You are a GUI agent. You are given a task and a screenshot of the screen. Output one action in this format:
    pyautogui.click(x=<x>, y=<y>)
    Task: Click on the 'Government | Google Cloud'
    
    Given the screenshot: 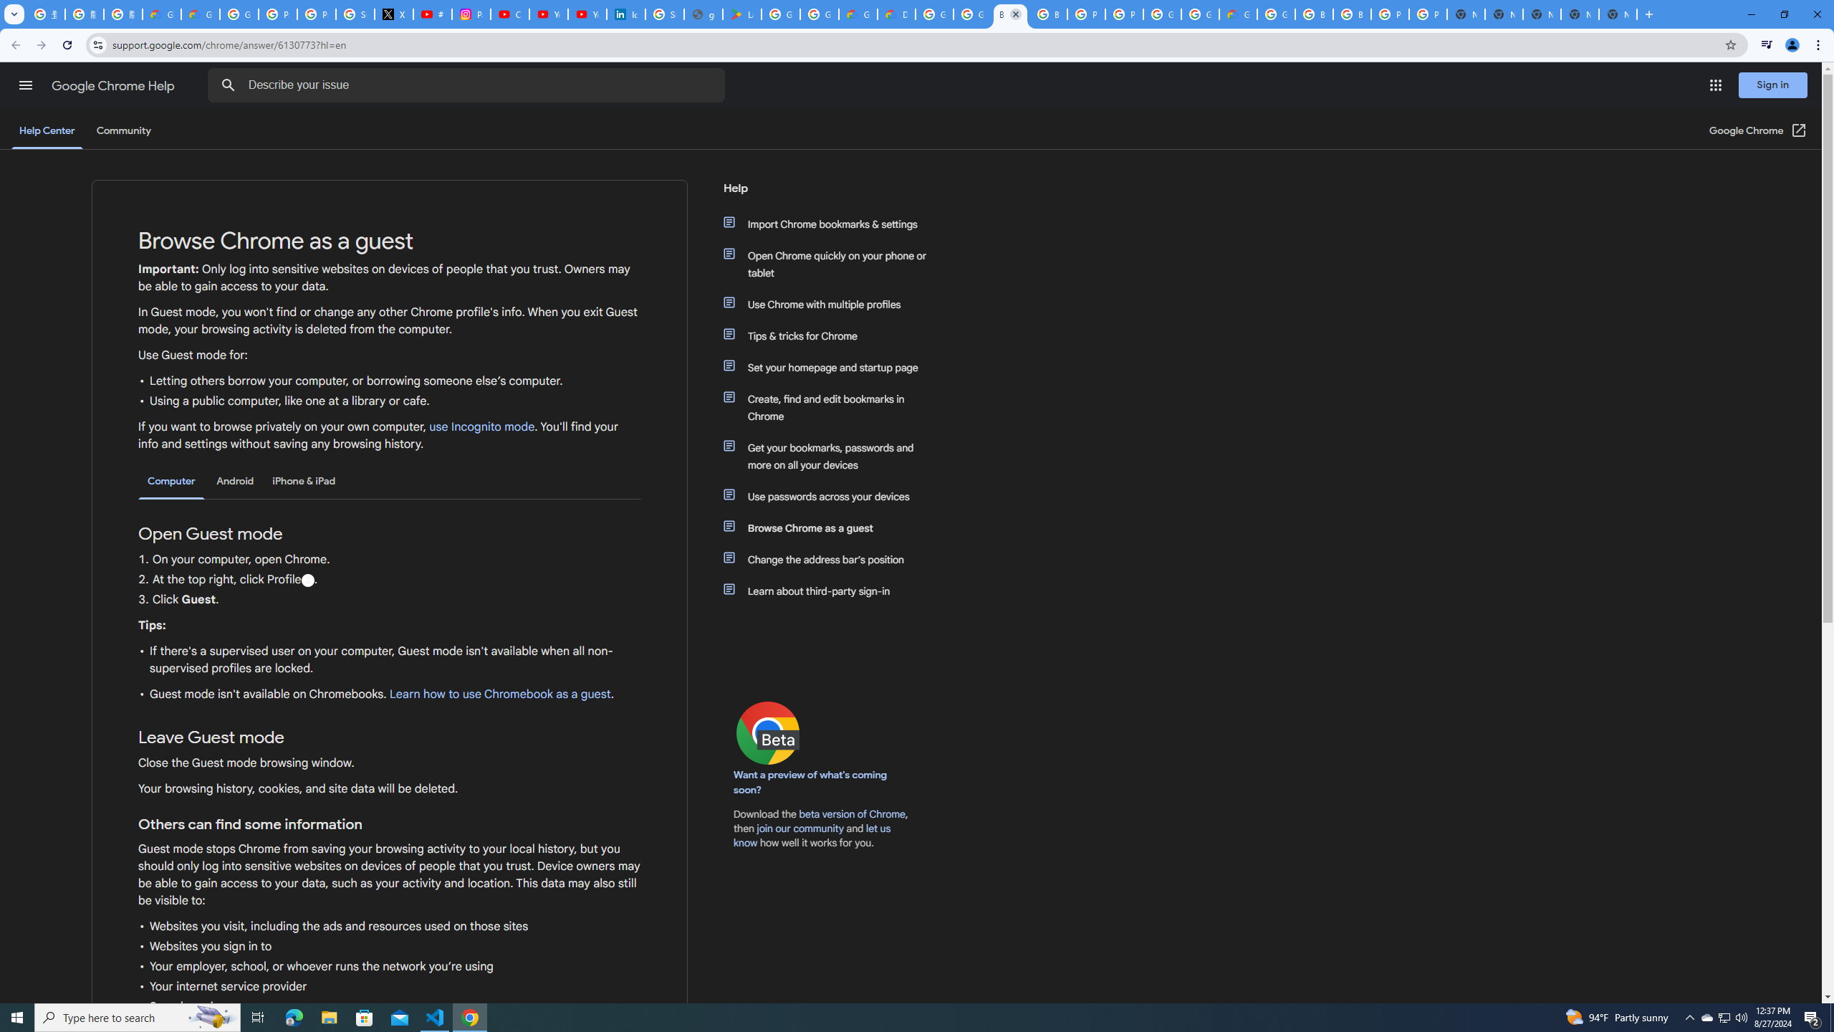 What is the action you would take?
    pyautogui.click(x=858, y=14)
    